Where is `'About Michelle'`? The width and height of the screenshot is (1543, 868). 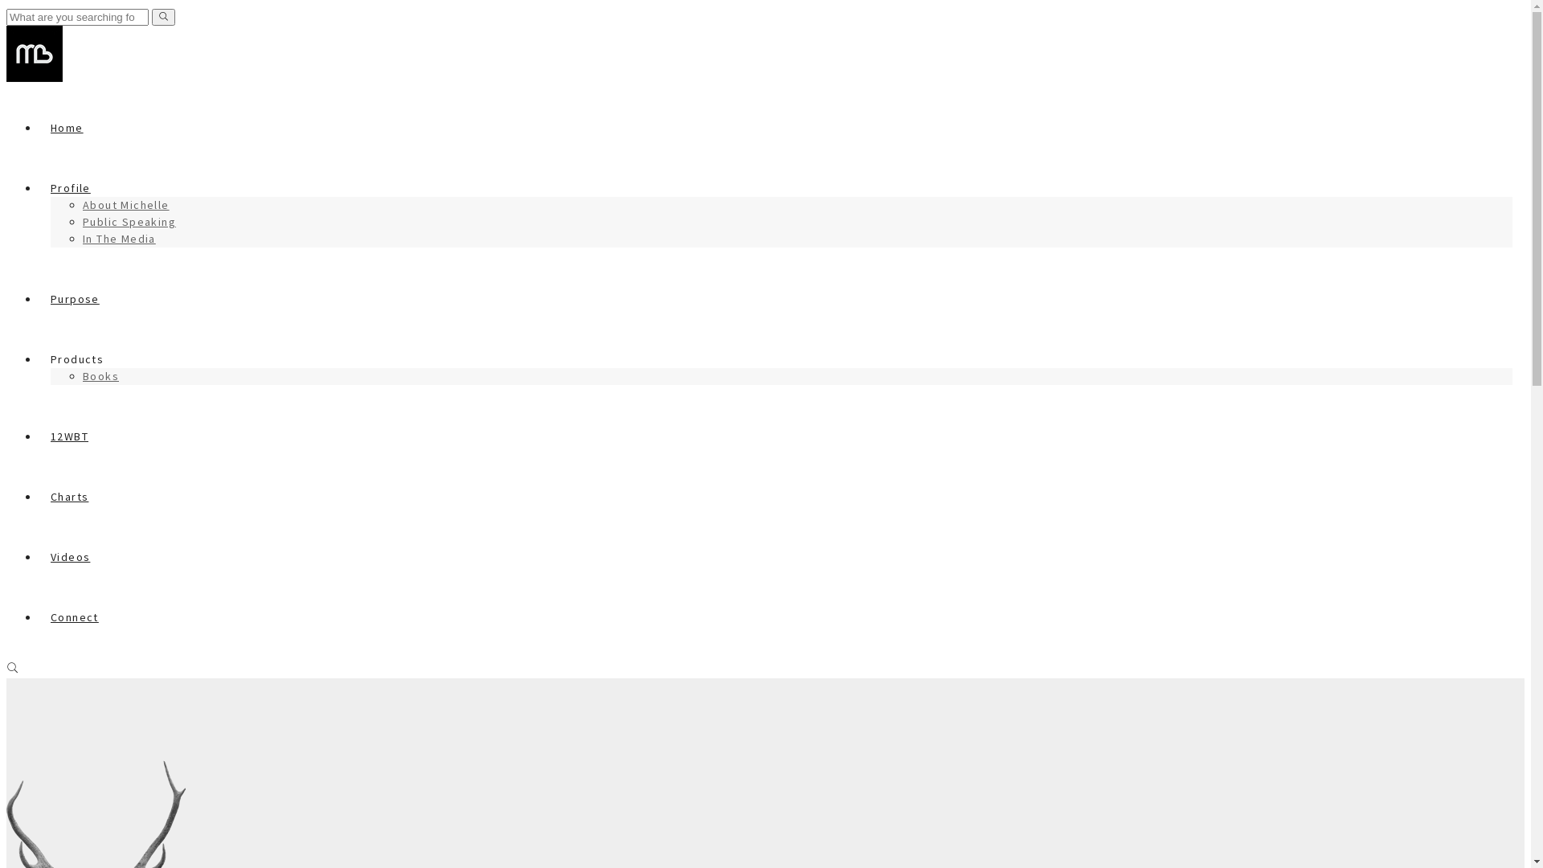 'About Michelle' is located at coordinates (125, 203).